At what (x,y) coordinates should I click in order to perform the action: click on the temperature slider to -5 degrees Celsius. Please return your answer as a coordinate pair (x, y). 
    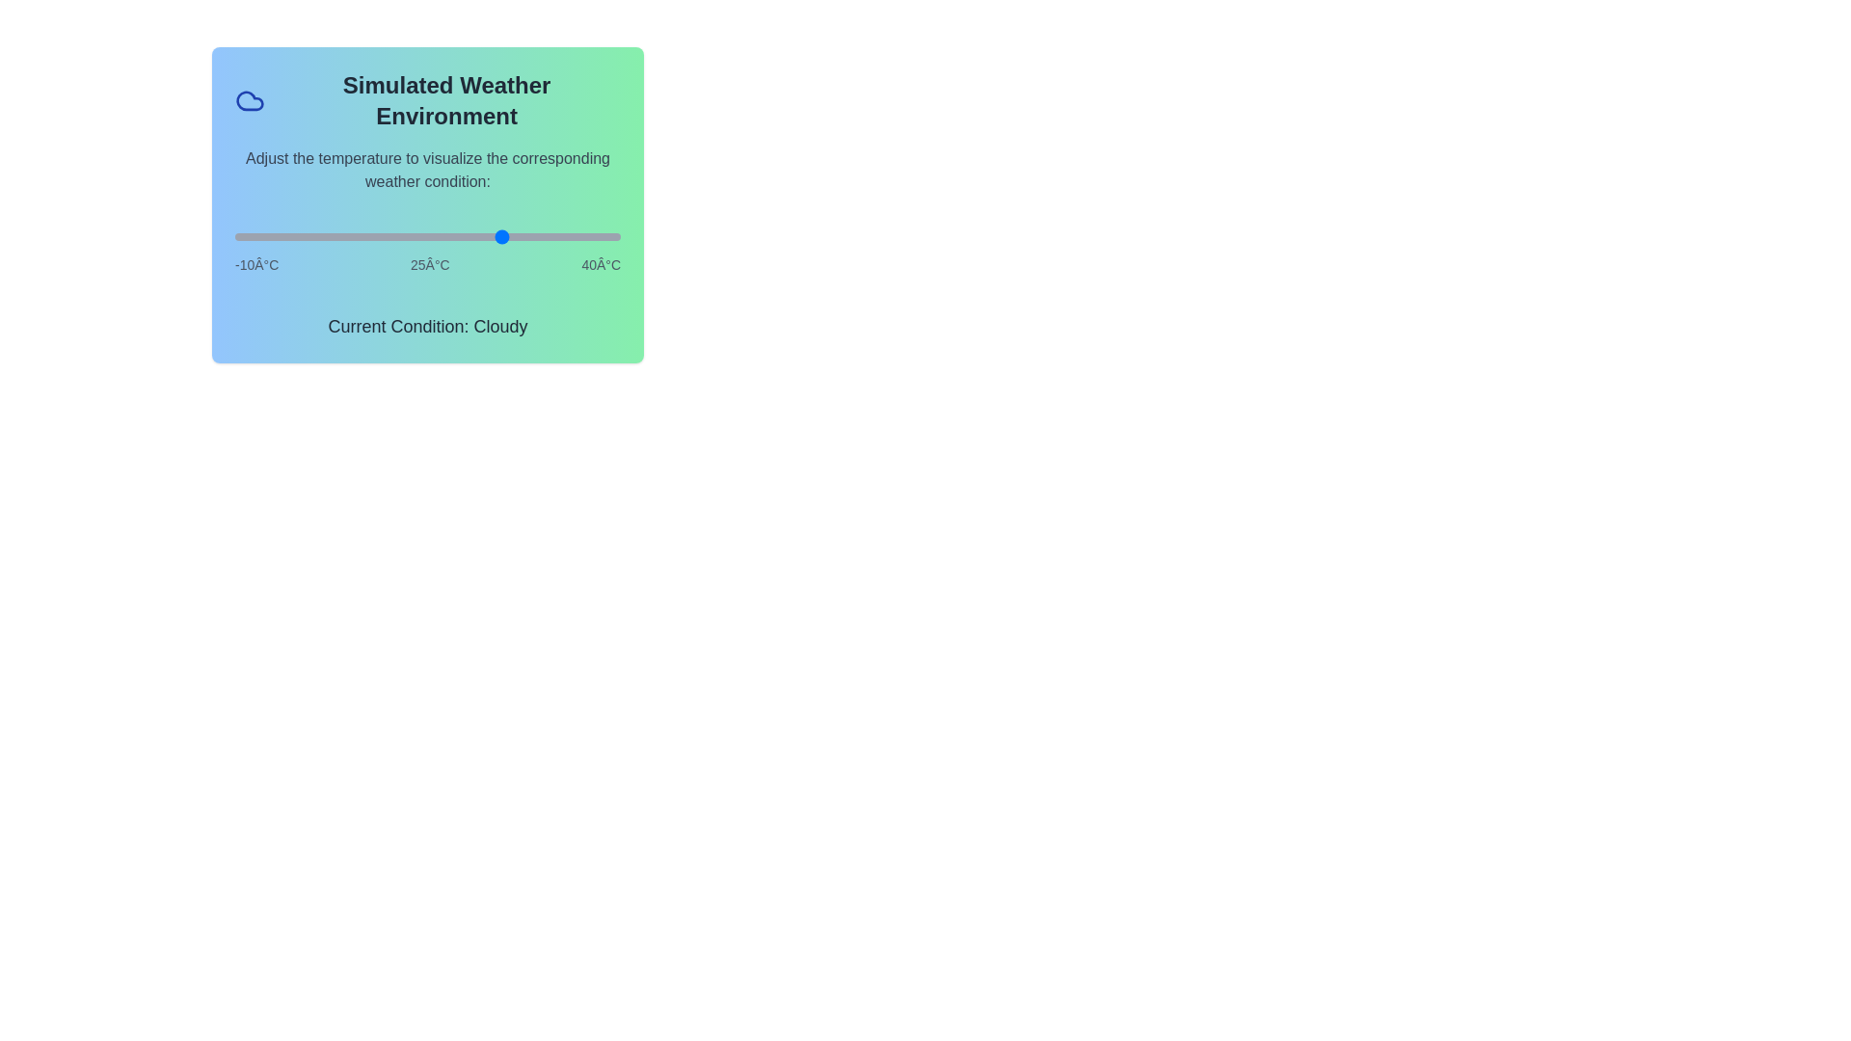
    Looking at the image, I should click on (272, 236).